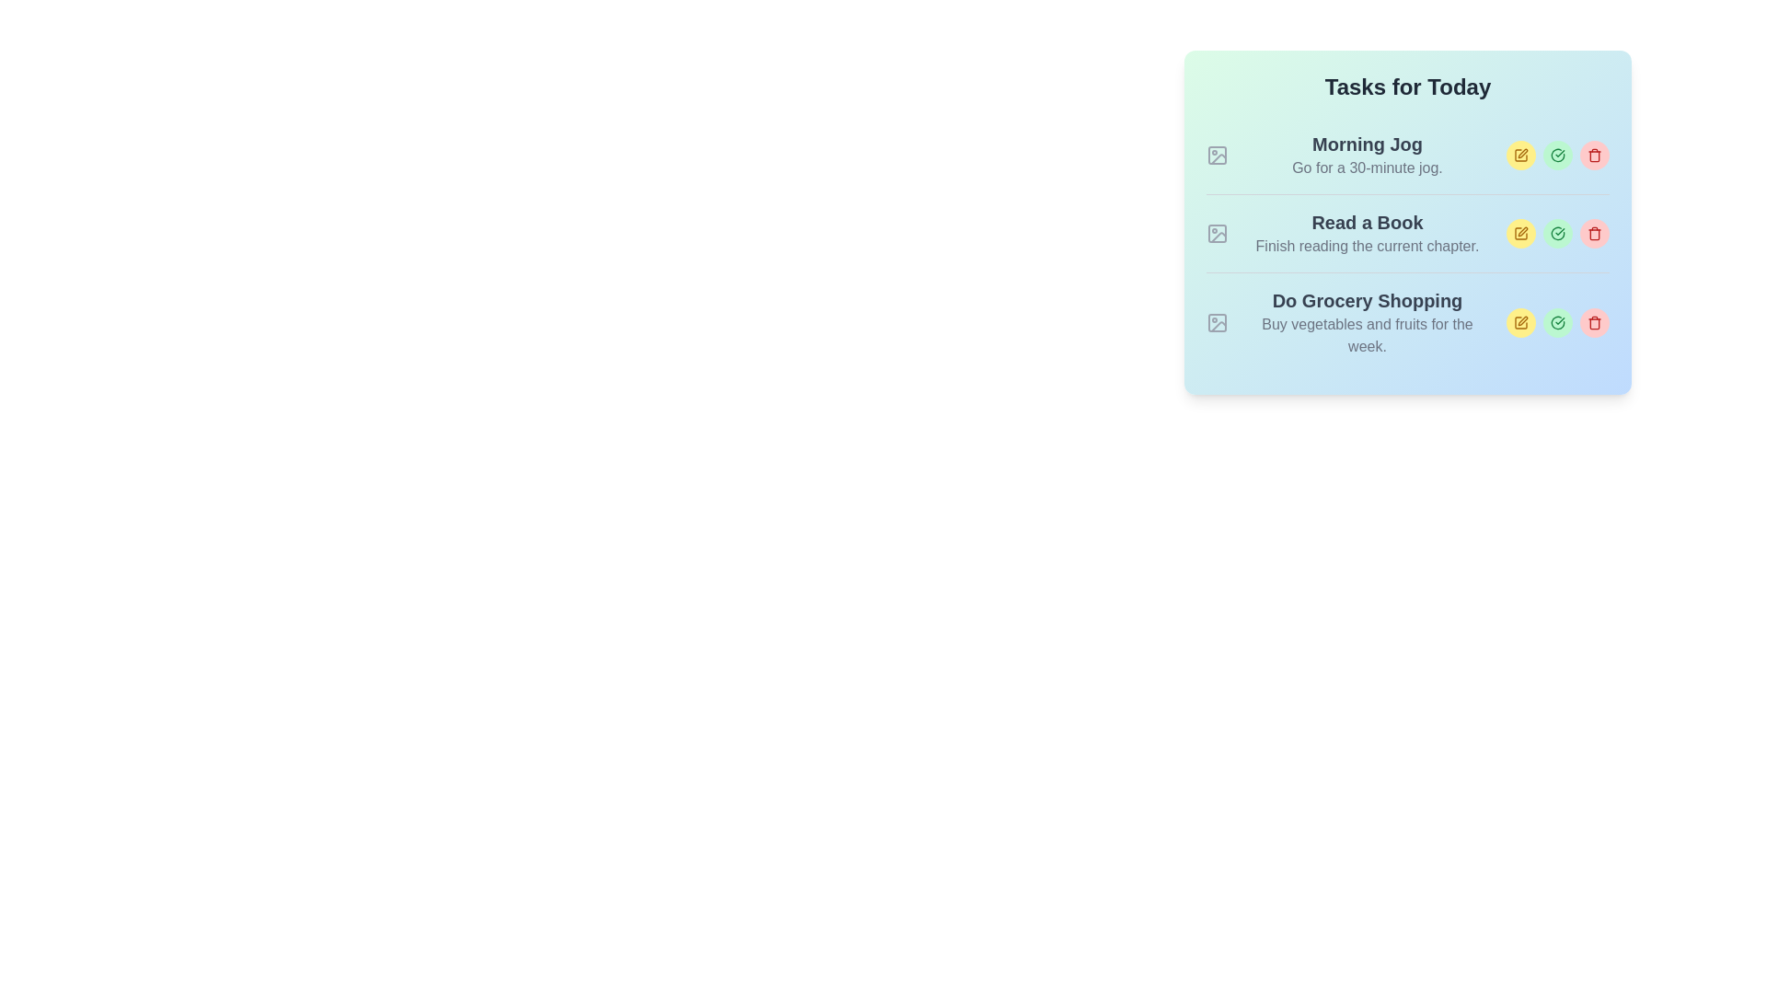 Image resolution: width=1767 pixels, height=994 pixels. Describe the element at coordinates (1368, 222) in the screenshot. I see `the static text element that reads 'Read a Book', which is bolded and styled in a larger font size within a pastel blue box, located at the top of the task card` at that location.